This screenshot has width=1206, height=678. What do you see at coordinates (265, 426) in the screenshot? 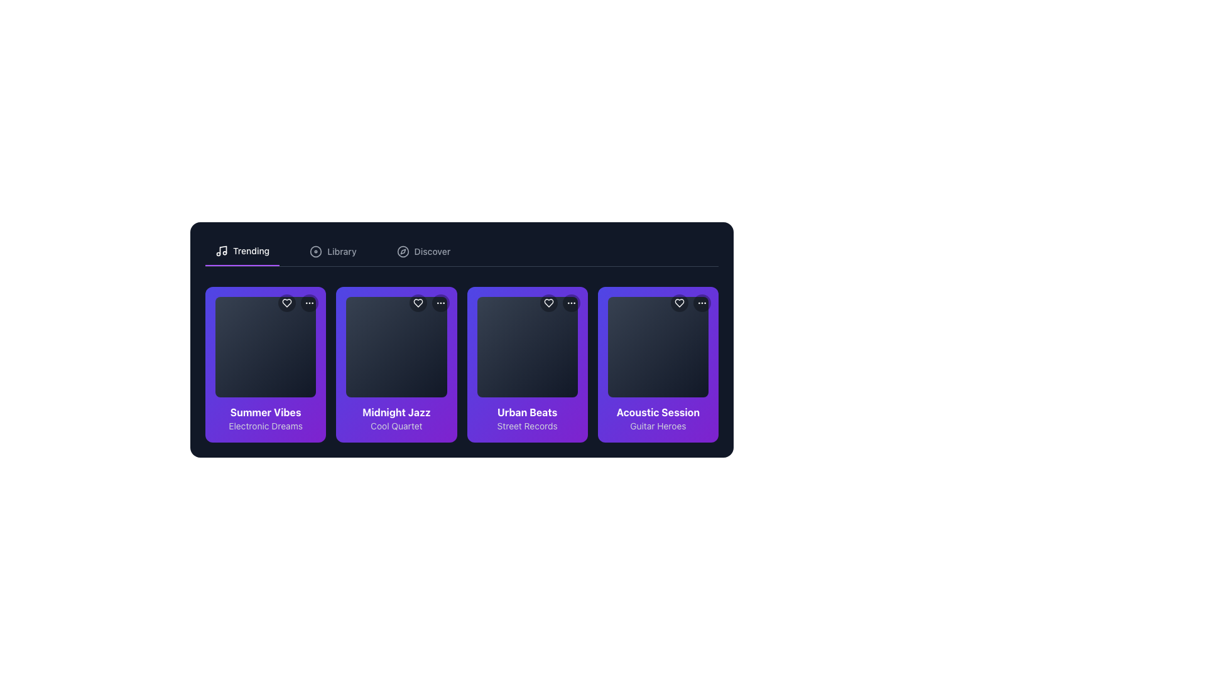
I see `text label that serves as a subtitle beneath the 'Summer Vibes' title in the first column of the horizontally scrolling grid` at bounding box center [265, 426].